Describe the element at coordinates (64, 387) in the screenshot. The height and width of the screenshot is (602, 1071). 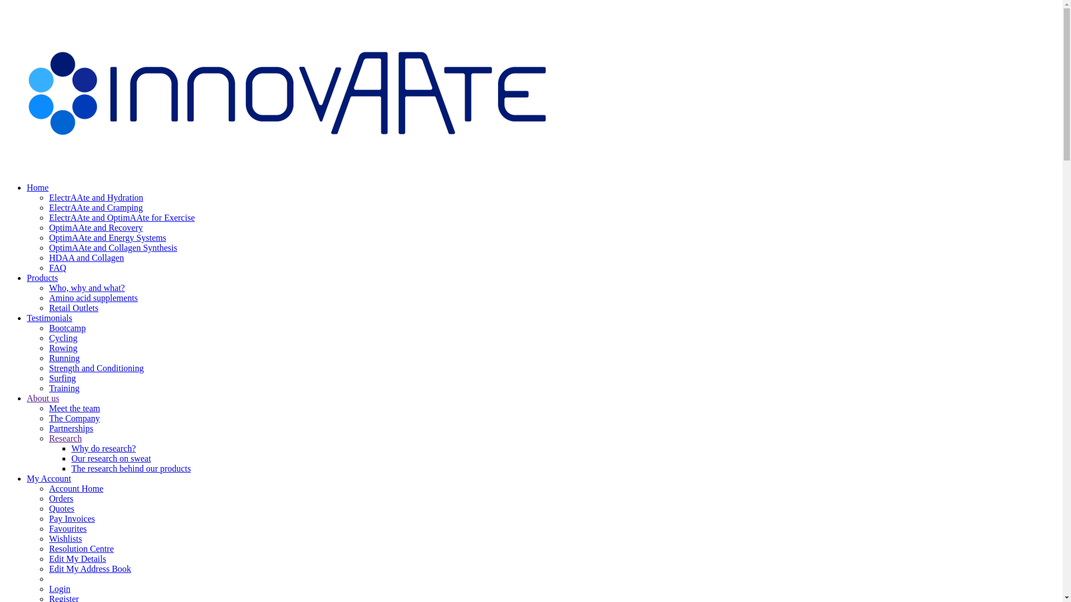
I see `'Training'` at that location.